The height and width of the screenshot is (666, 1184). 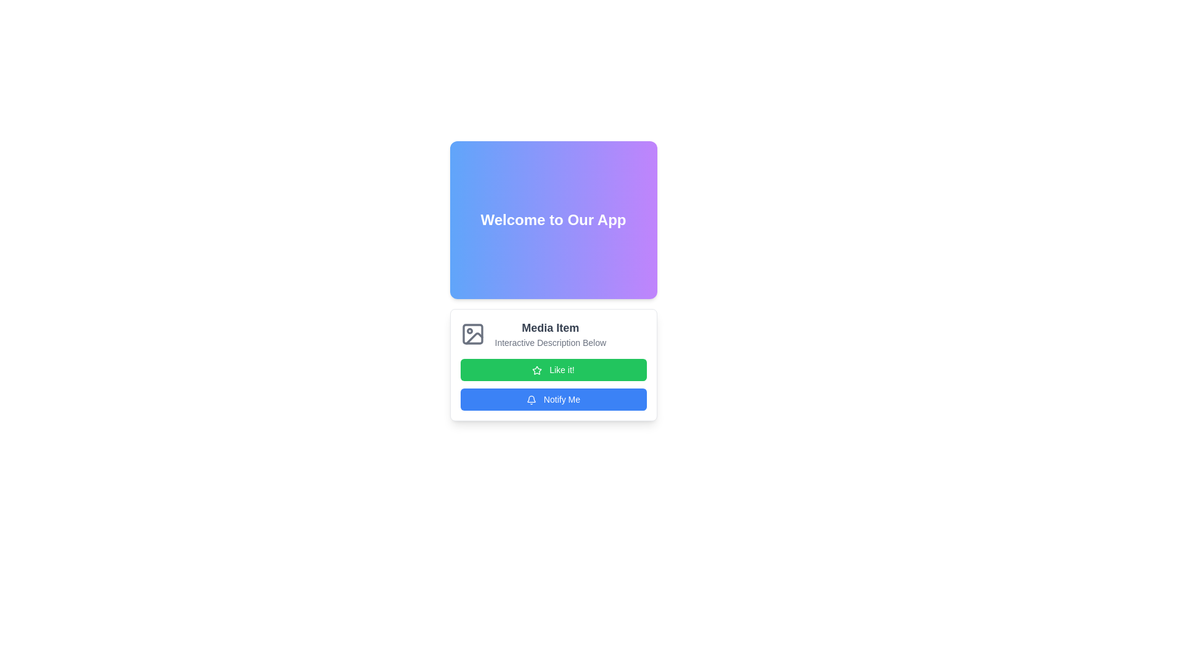 What do you see at coordinates (549, 327) in the screenshot?
I see `the text label that serves as a header for the section introducing Media Item content, located above the 'Interactive Description Below' label` at bounding box center [549, 327].